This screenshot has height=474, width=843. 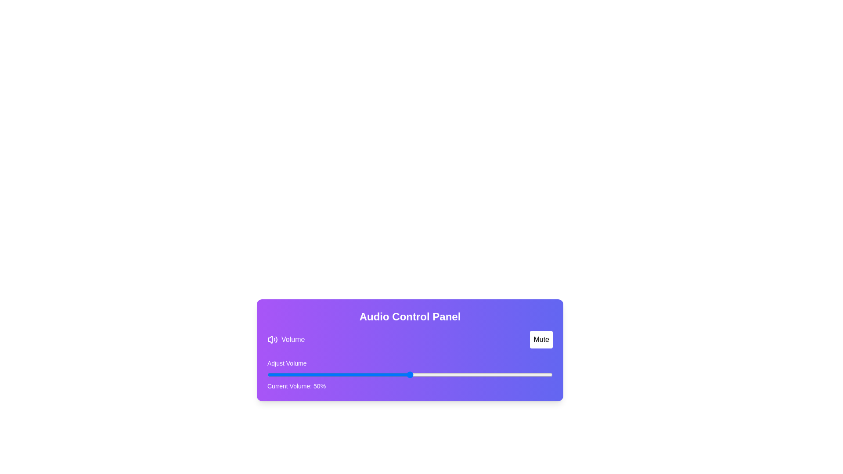 I want to click on the volume slider, so click(x=549, y=374).